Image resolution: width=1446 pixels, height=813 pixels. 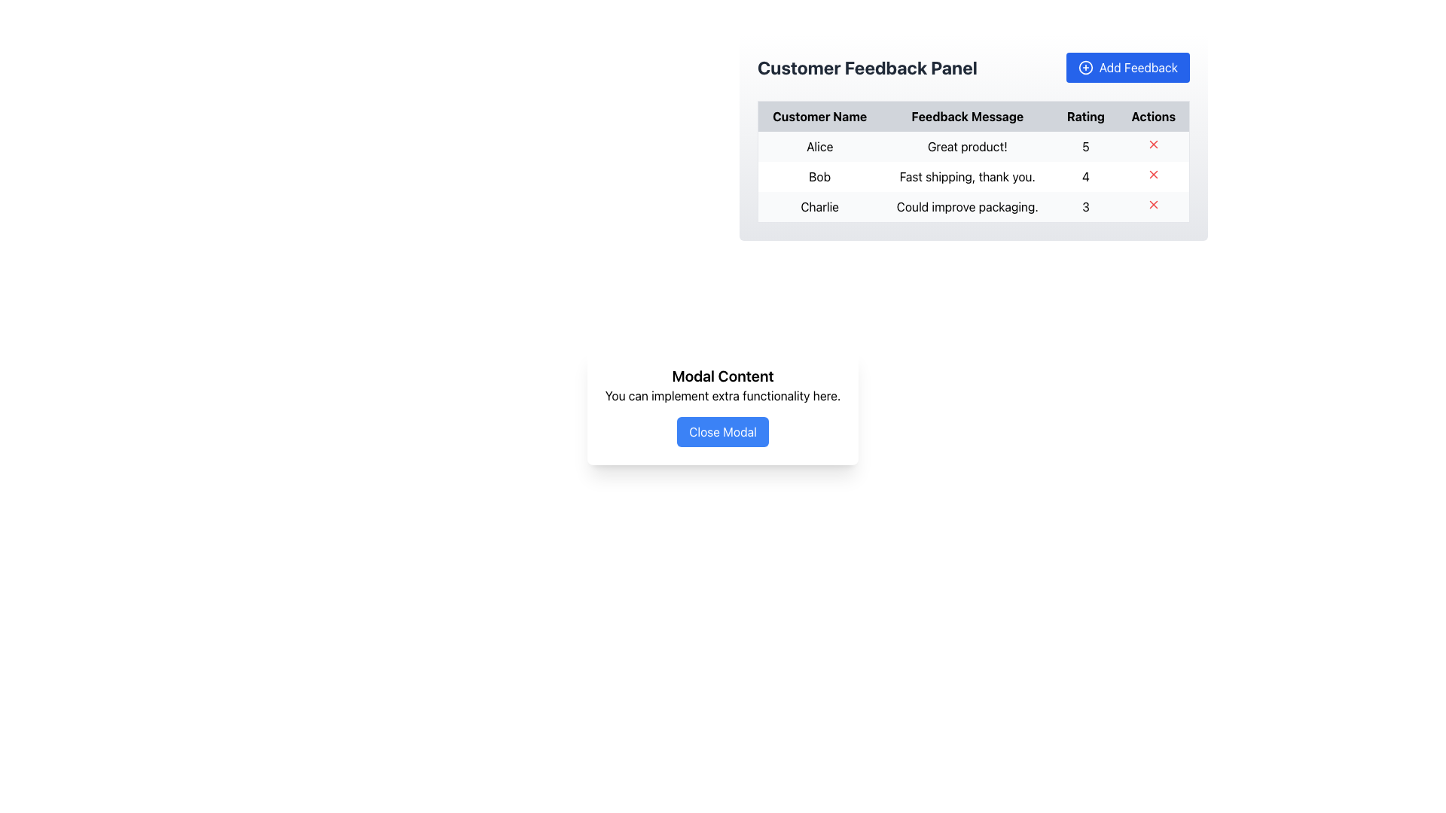 What do you see at coordinates (819, 115) in the screenshot?
I see `the 'Customer Name' column header in the table, which is positioned at the top-left of the header row` at bounding box center [819, 115].